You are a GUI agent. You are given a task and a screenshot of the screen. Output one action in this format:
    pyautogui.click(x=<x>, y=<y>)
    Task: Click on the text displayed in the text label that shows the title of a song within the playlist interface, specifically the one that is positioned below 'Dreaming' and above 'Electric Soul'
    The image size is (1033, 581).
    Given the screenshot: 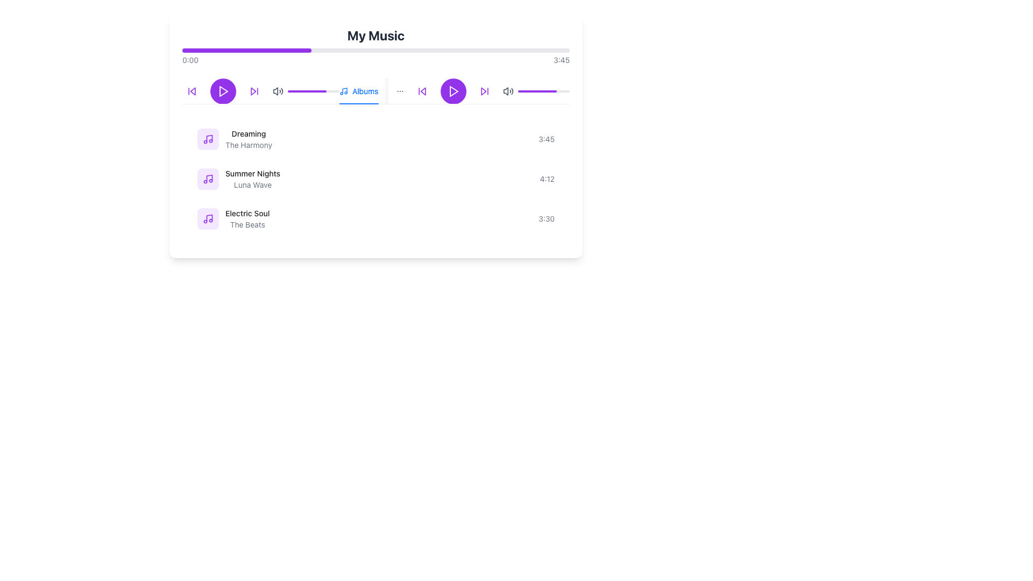 What is the action you would take?
    pyautogui.click(x=252, y=173)
    